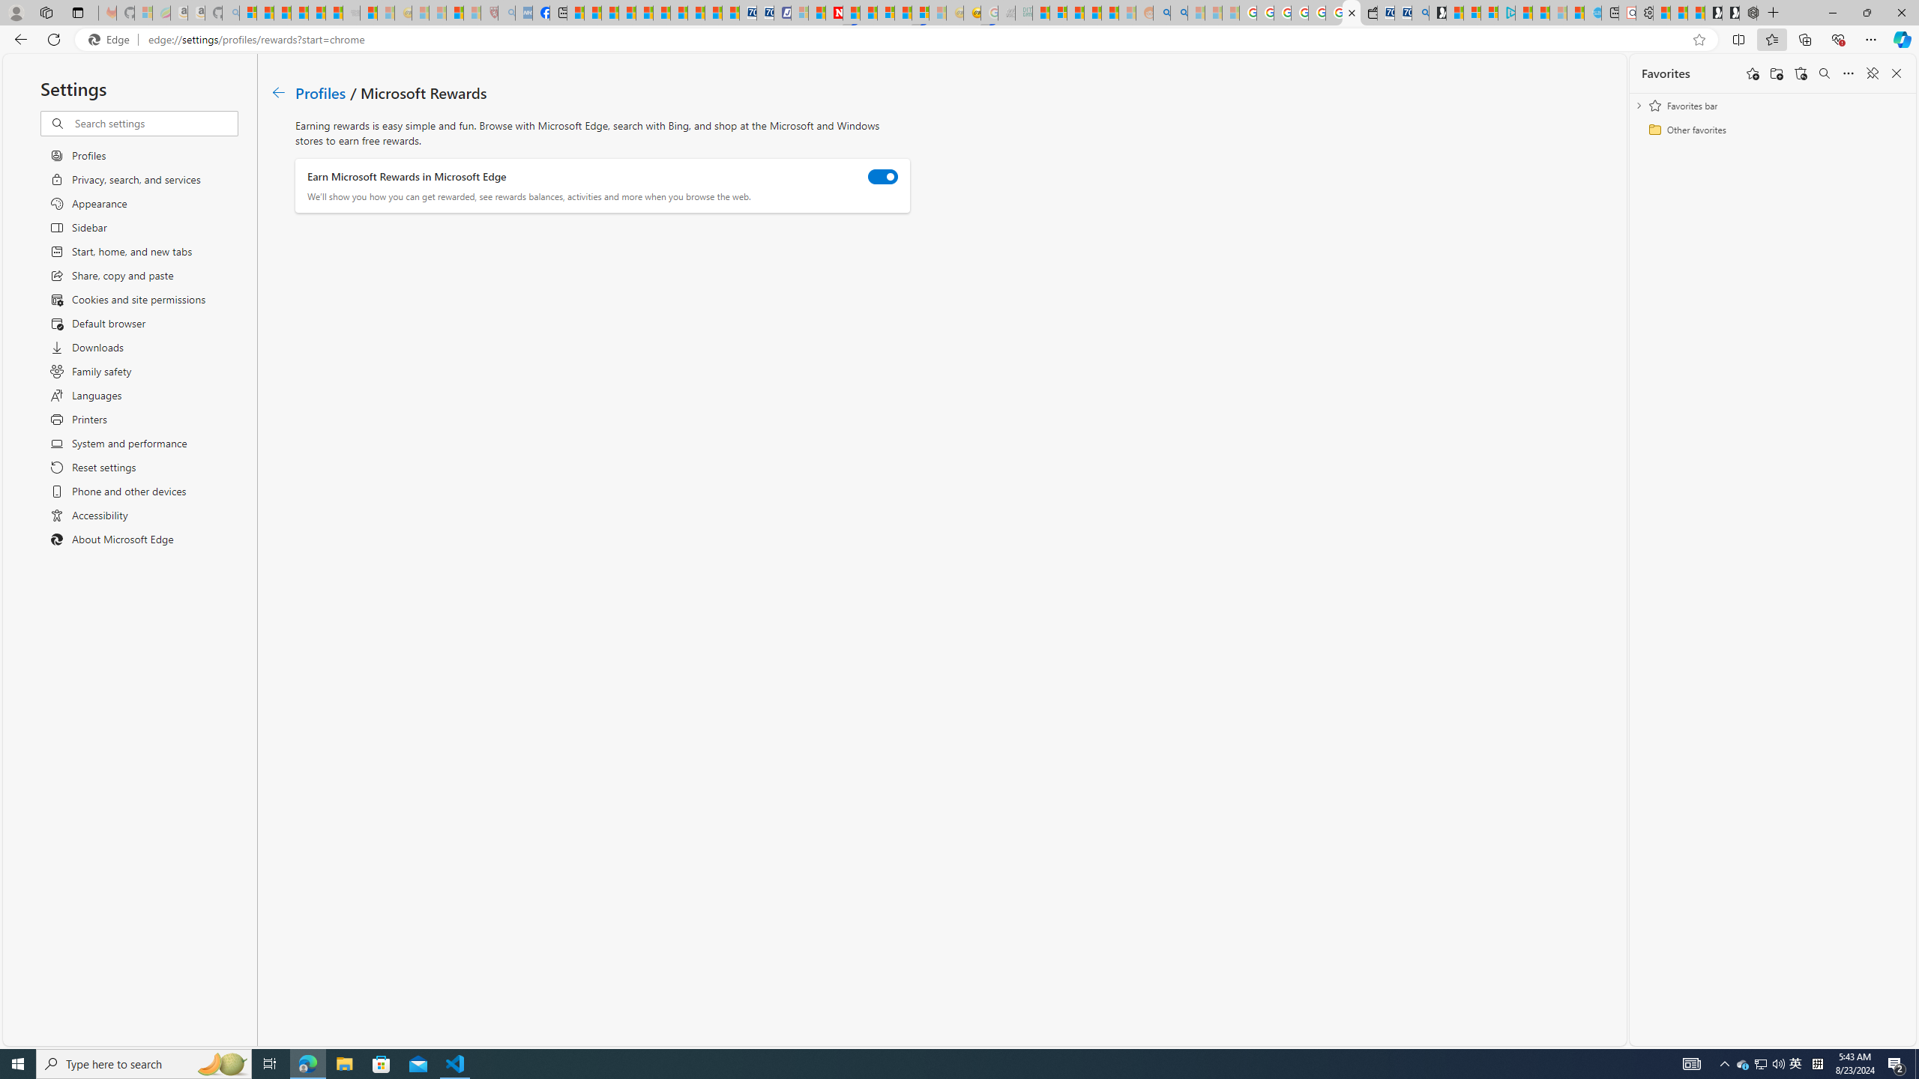  What do you see at coordinates (321, 91) in the screenshot?
I see `'Profiles'` at bounding box center [321, 91].